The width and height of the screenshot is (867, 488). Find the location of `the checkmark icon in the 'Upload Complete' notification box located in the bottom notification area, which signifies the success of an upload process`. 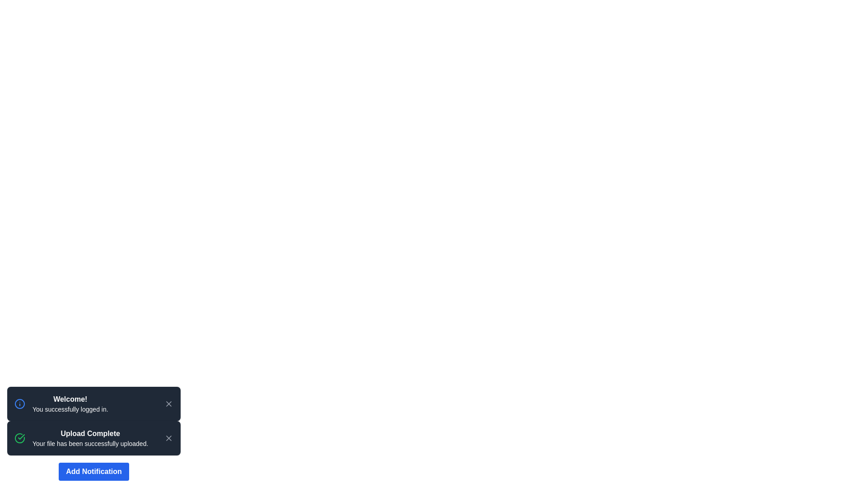

the checkmark icon in the 'Upload Complete' notification box located in the bottom notification area, which signifies the success of an upload process is located at coordinates (21, 436).